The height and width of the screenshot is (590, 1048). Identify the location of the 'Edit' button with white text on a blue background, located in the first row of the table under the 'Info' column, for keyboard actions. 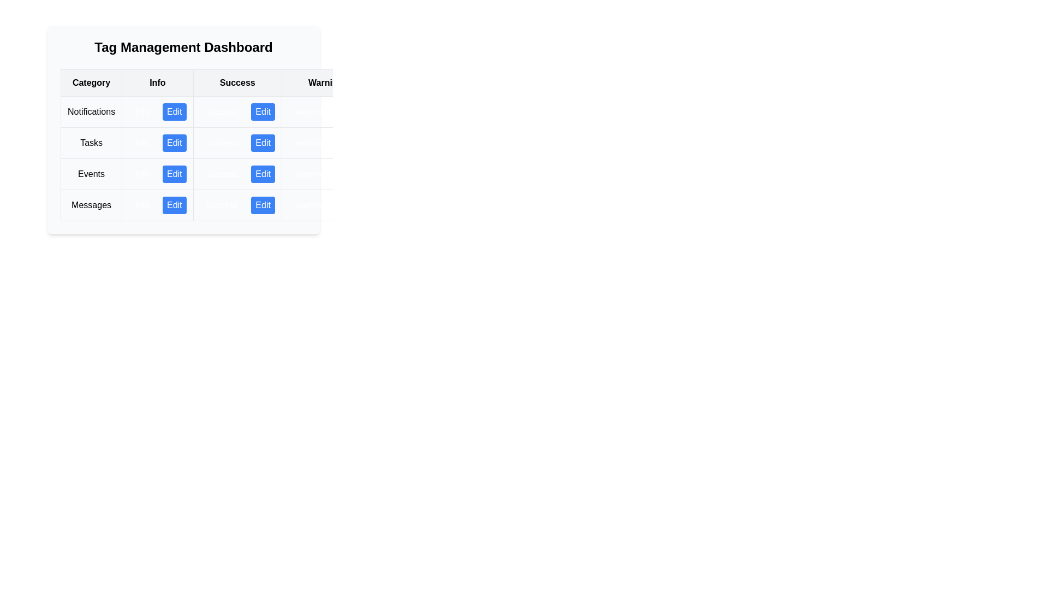
(174, 111).